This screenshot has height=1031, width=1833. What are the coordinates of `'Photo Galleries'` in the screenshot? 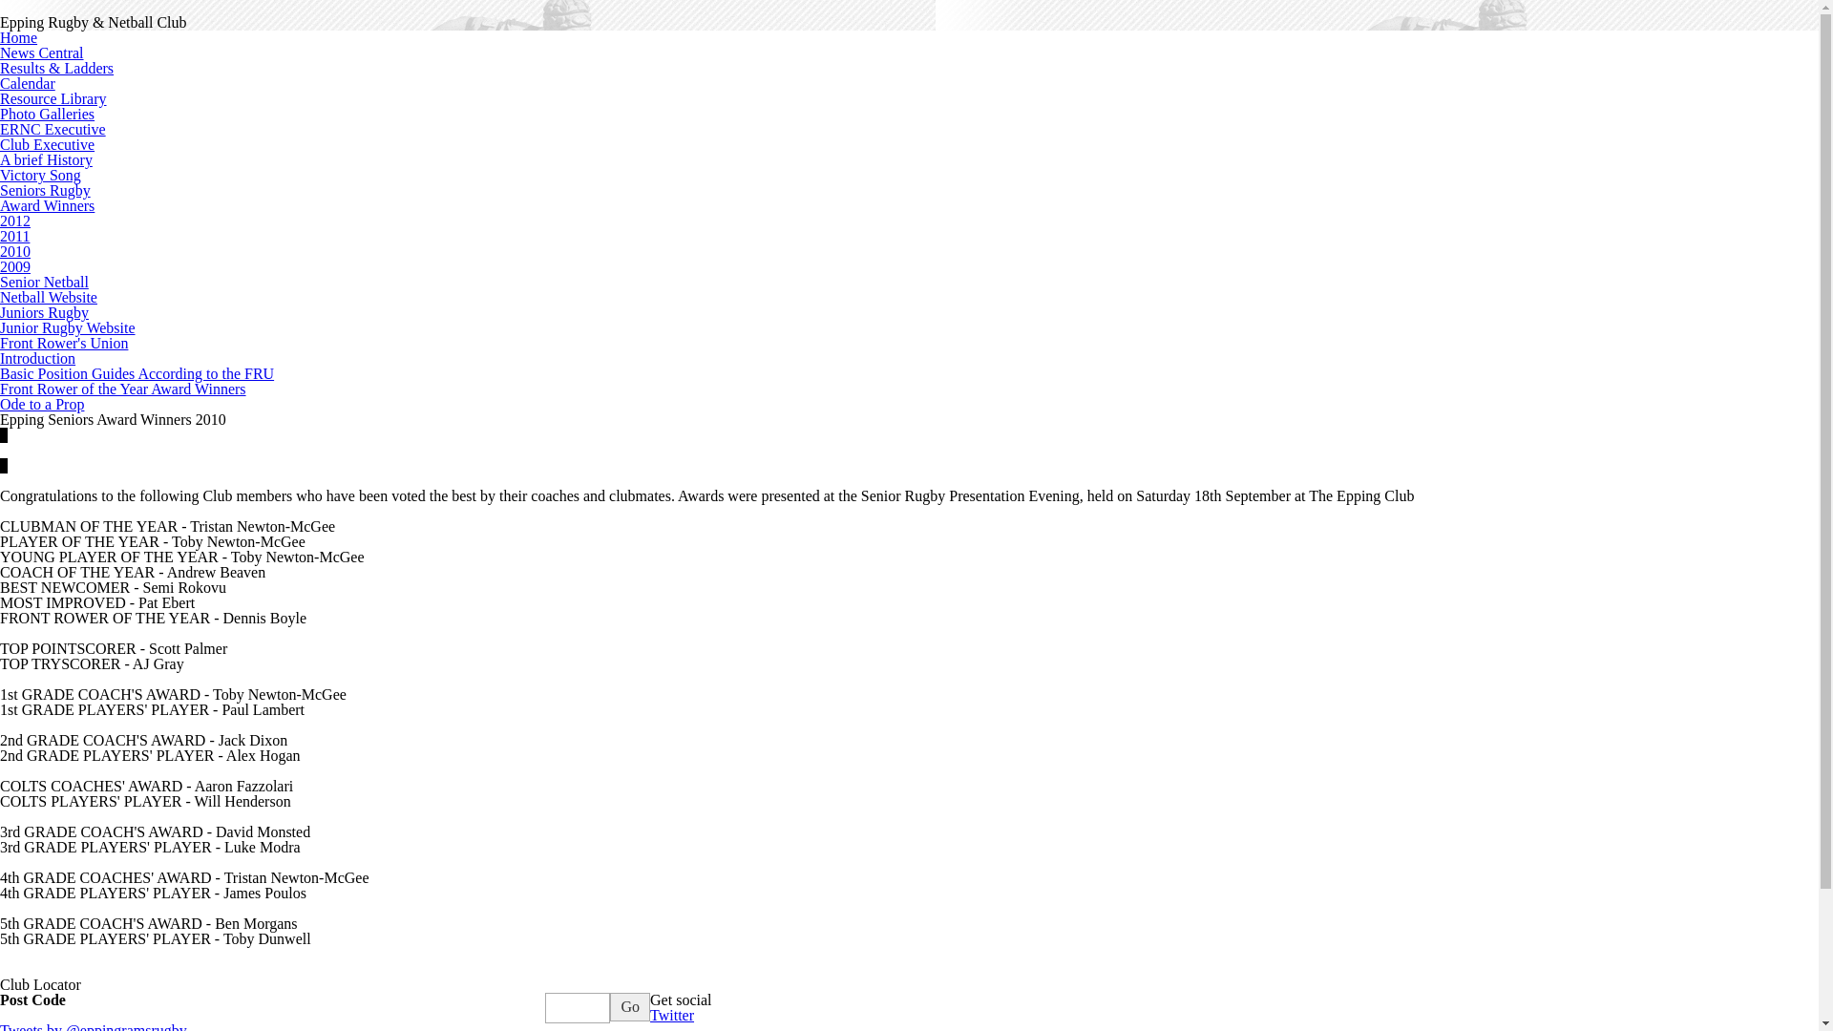 It's located at (0, 114).